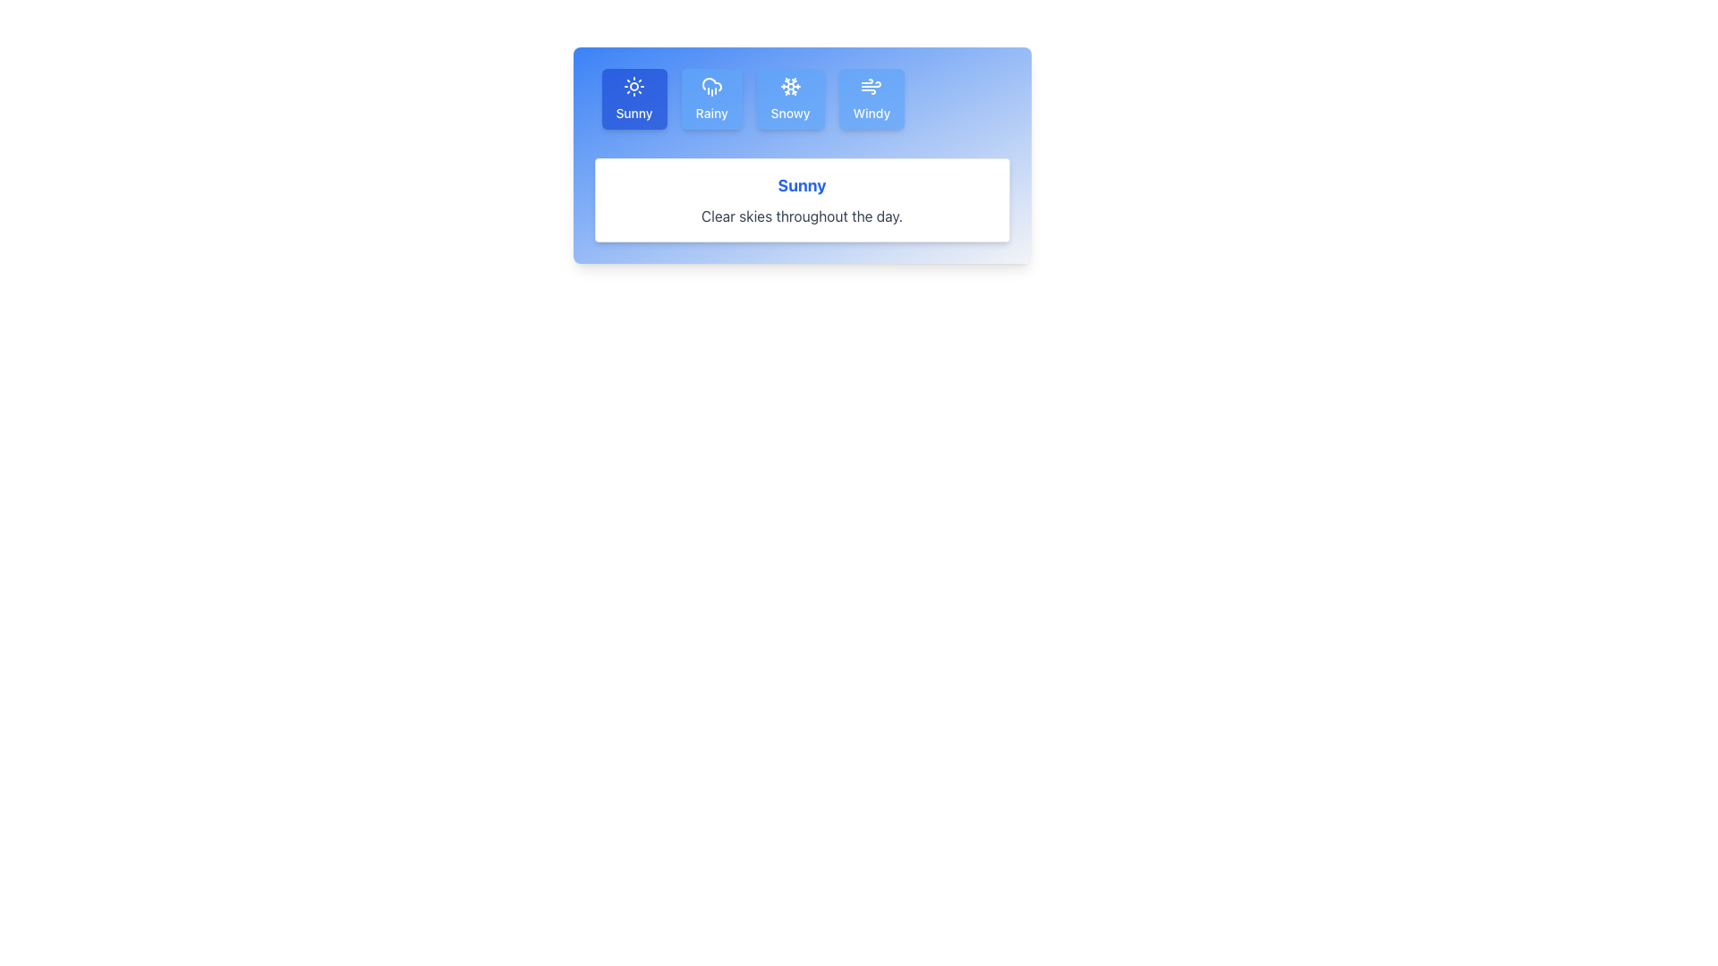 This screenshot has height=966, width=1718. I want to click on the weather condition text label that displays 'Sunny', which is located within a white box with rounded edges, so click(801, 186).